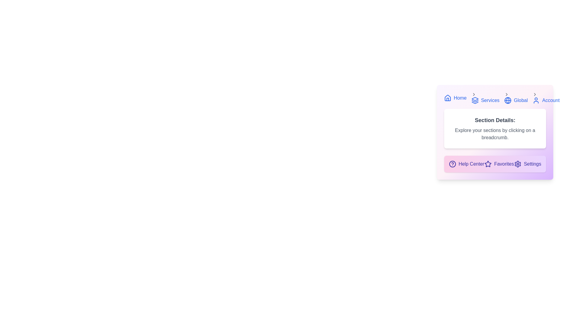 This screenshot has height=324, width=577. Describe the element at coordinates (455, 98) in the screenshot. I see `the Breadcrumb link located at the top left of the UI section, adjacent to the home icon, to trigger the visual underline effect` at that location.